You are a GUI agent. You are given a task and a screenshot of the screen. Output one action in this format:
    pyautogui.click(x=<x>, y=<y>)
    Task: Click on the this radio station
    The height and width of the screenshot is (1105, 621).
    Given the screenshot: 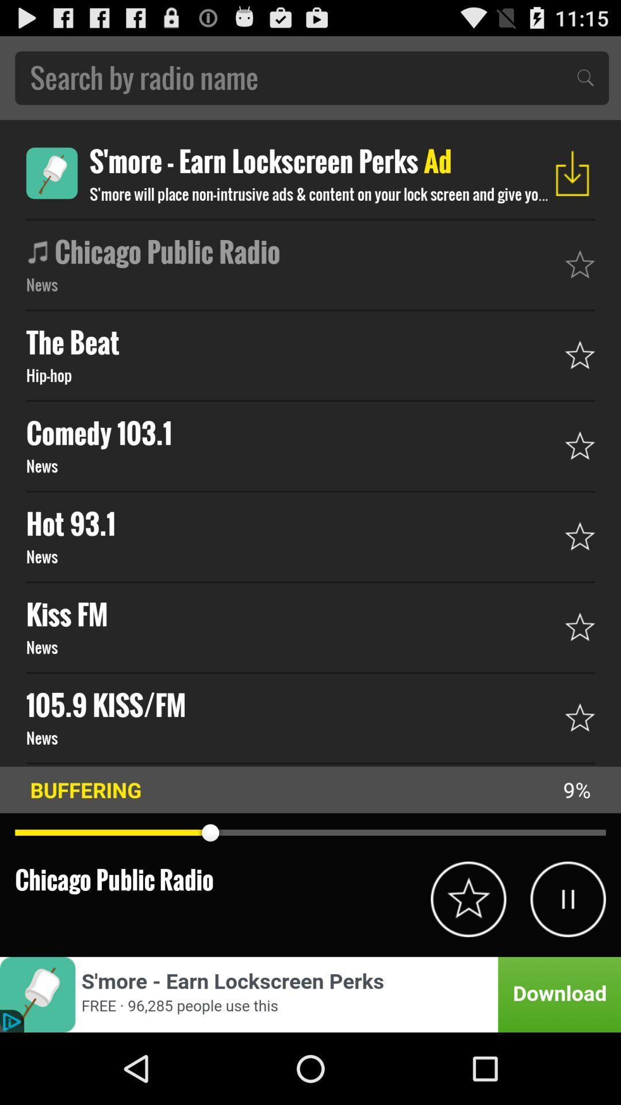 What is the action you would take?
    pyautogui.click(x=468, y=898)
    